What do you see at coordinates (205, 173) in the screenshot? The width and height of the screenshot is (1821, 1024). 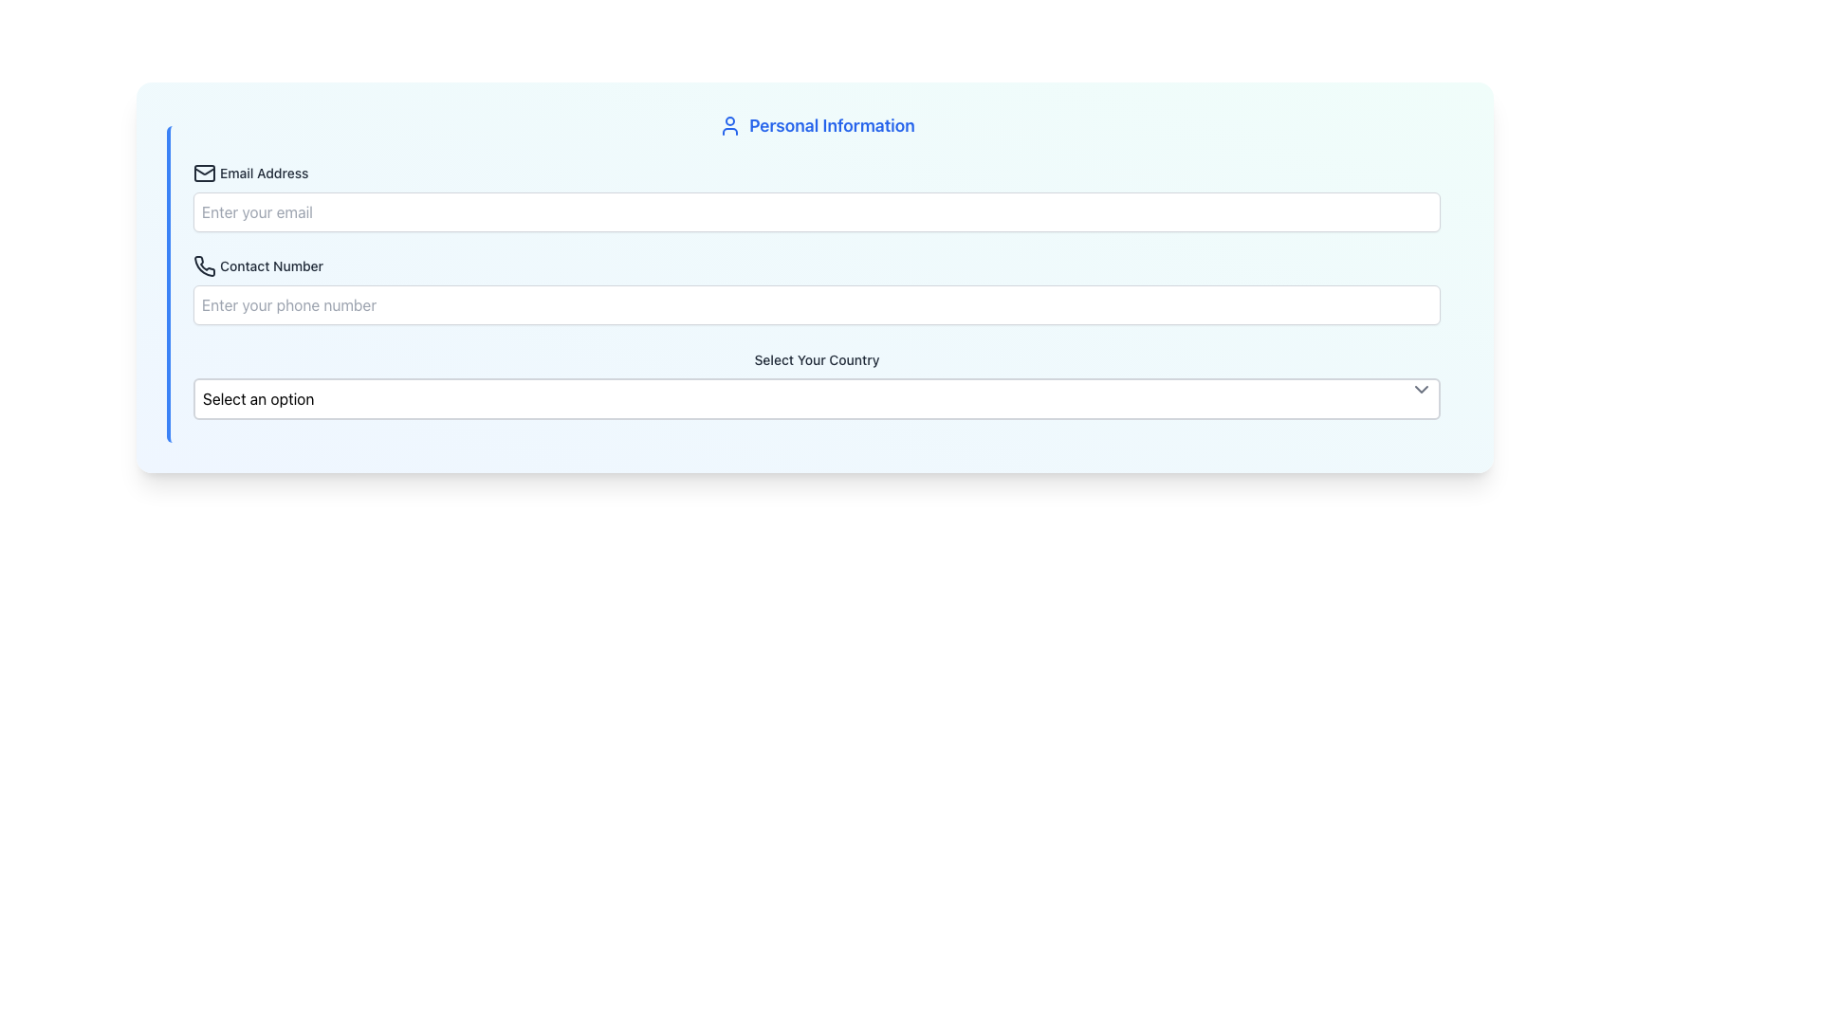 I see `the rectangular area styled as part of the envelope icon, which is located inside the larger mail icon next to the 'Email Address' text` at bounding box center [205, 173].